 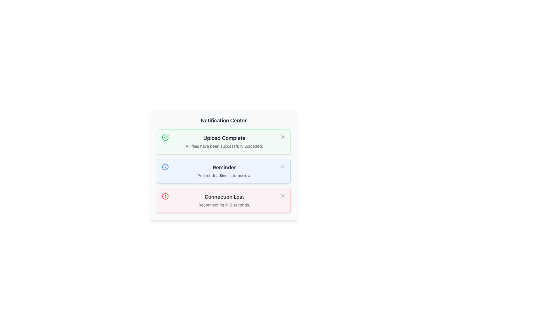 I want to click on the Notification card that indicates the project deadline is tomorrow, which is the second card in a series of three notifications, so click(x=224, y=164).